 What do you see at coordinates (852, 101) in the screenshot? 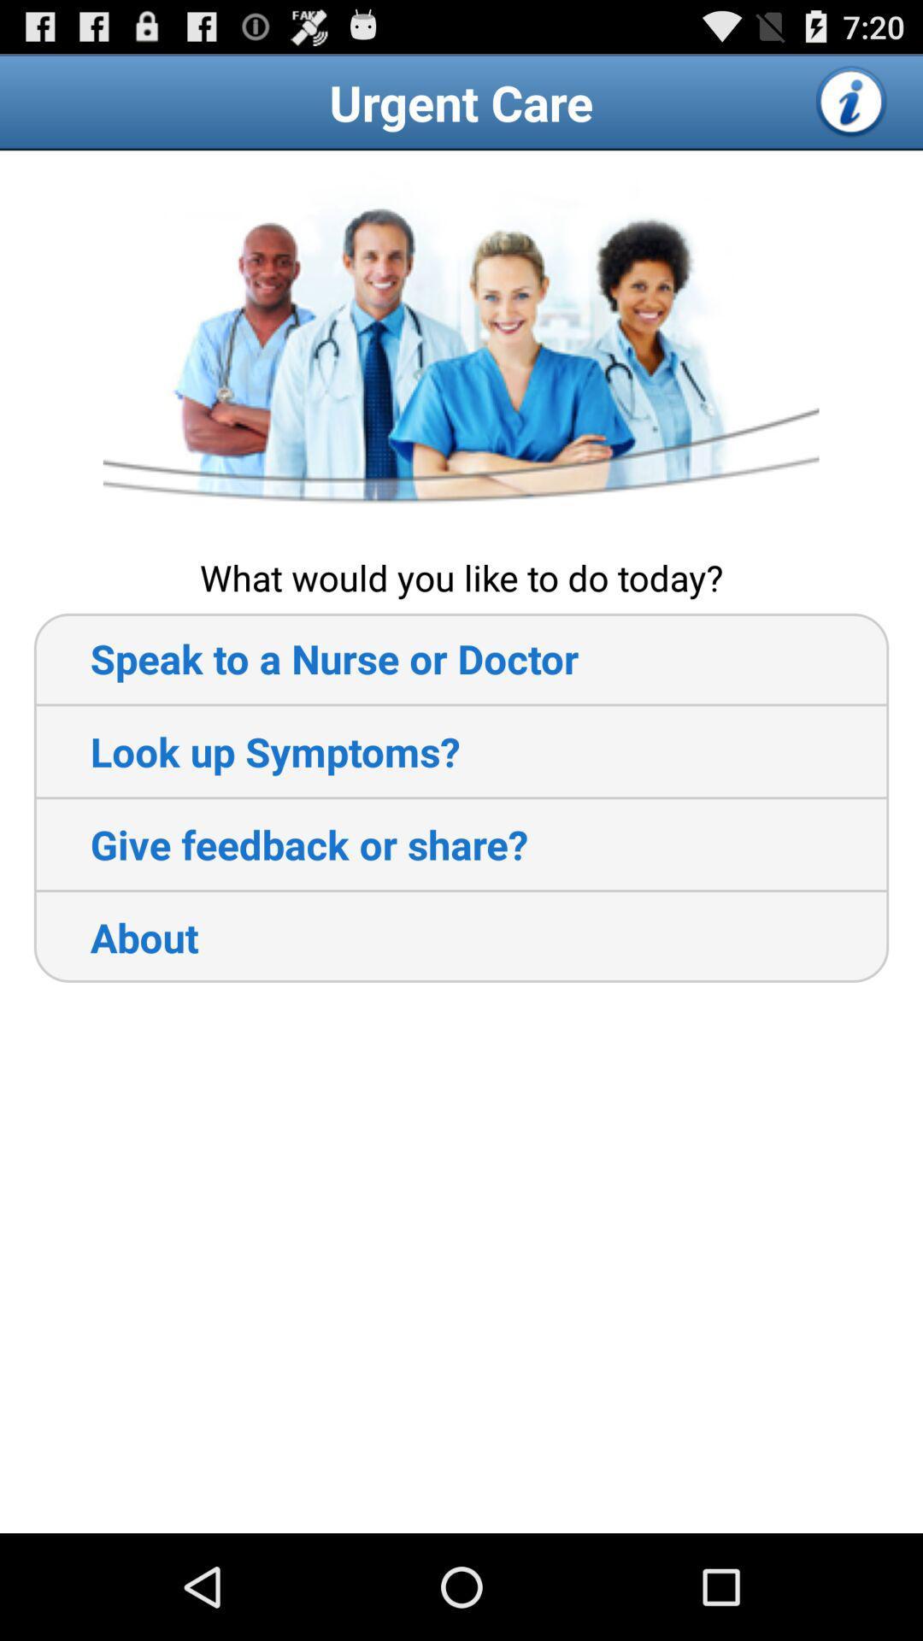
I see `find more information` at bounding box center [852, 101].